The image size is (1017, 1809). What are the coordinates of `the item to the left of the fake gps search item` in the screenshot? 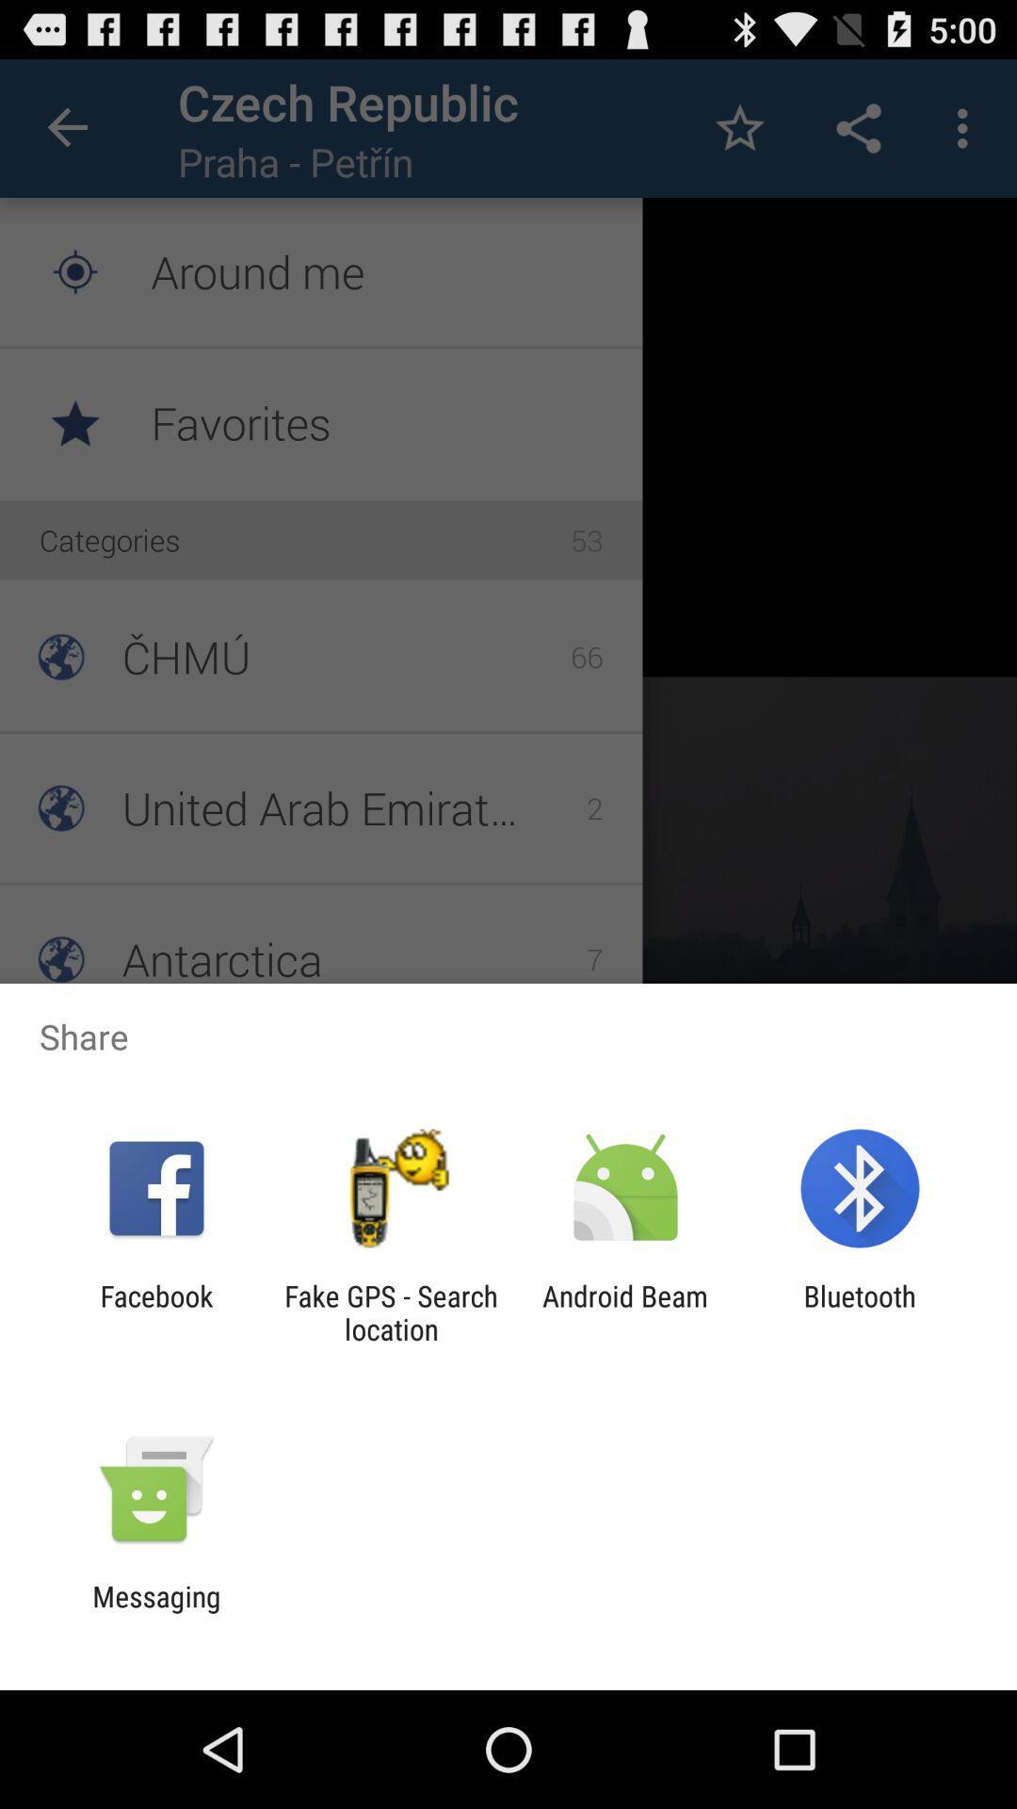 It's located at (155, 1312).